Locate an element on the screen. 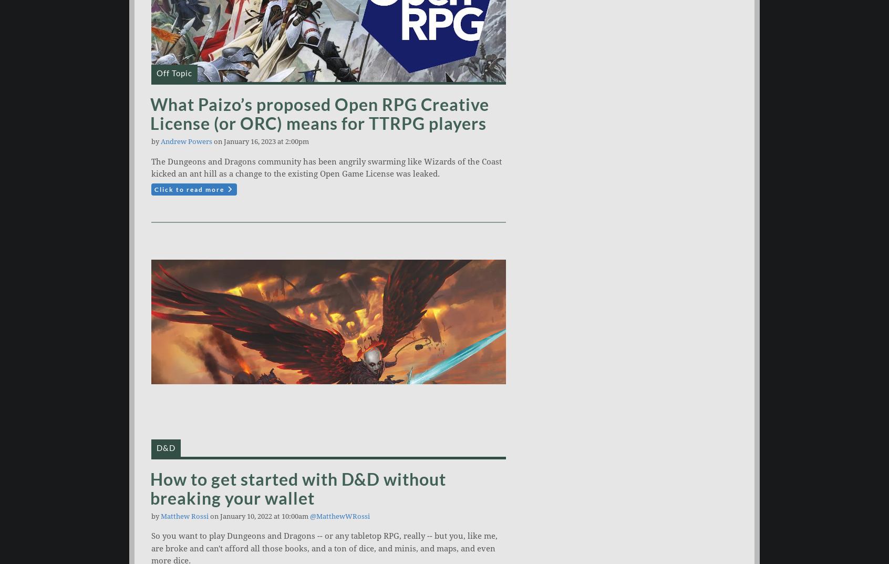  'on January 16, 2023 at 2:00pm' is located at coordinates (260, 141).